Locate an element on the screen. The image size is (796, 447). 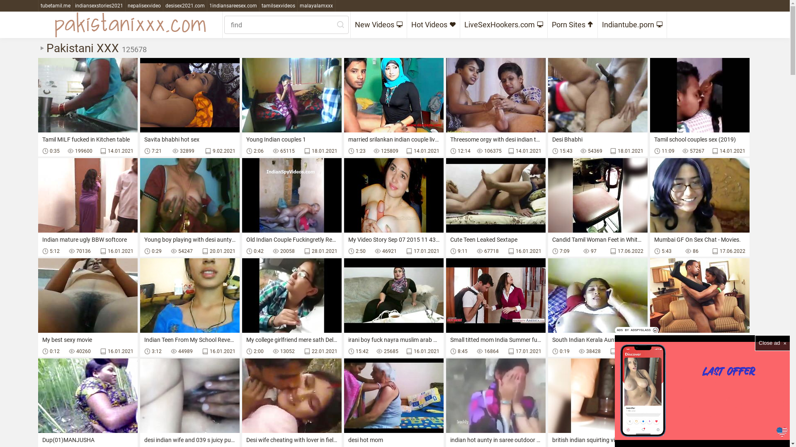
'Desi Bhabhi is located at coordinates (597, 106).